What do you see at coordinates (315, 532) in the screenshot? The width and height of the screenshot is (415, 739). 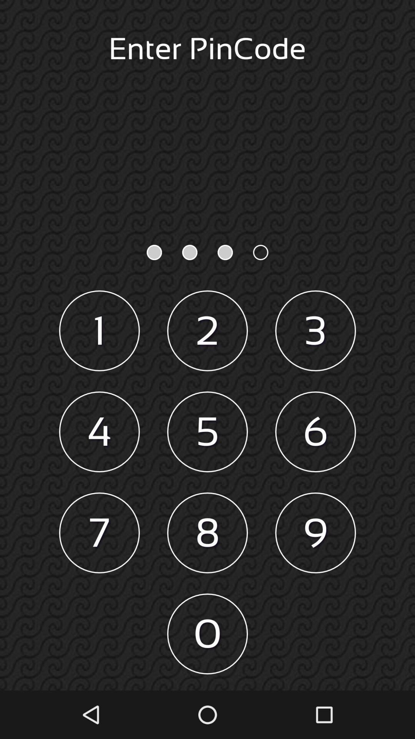 I see `icon at the bottom right corner` at bounding box center [315, 532].